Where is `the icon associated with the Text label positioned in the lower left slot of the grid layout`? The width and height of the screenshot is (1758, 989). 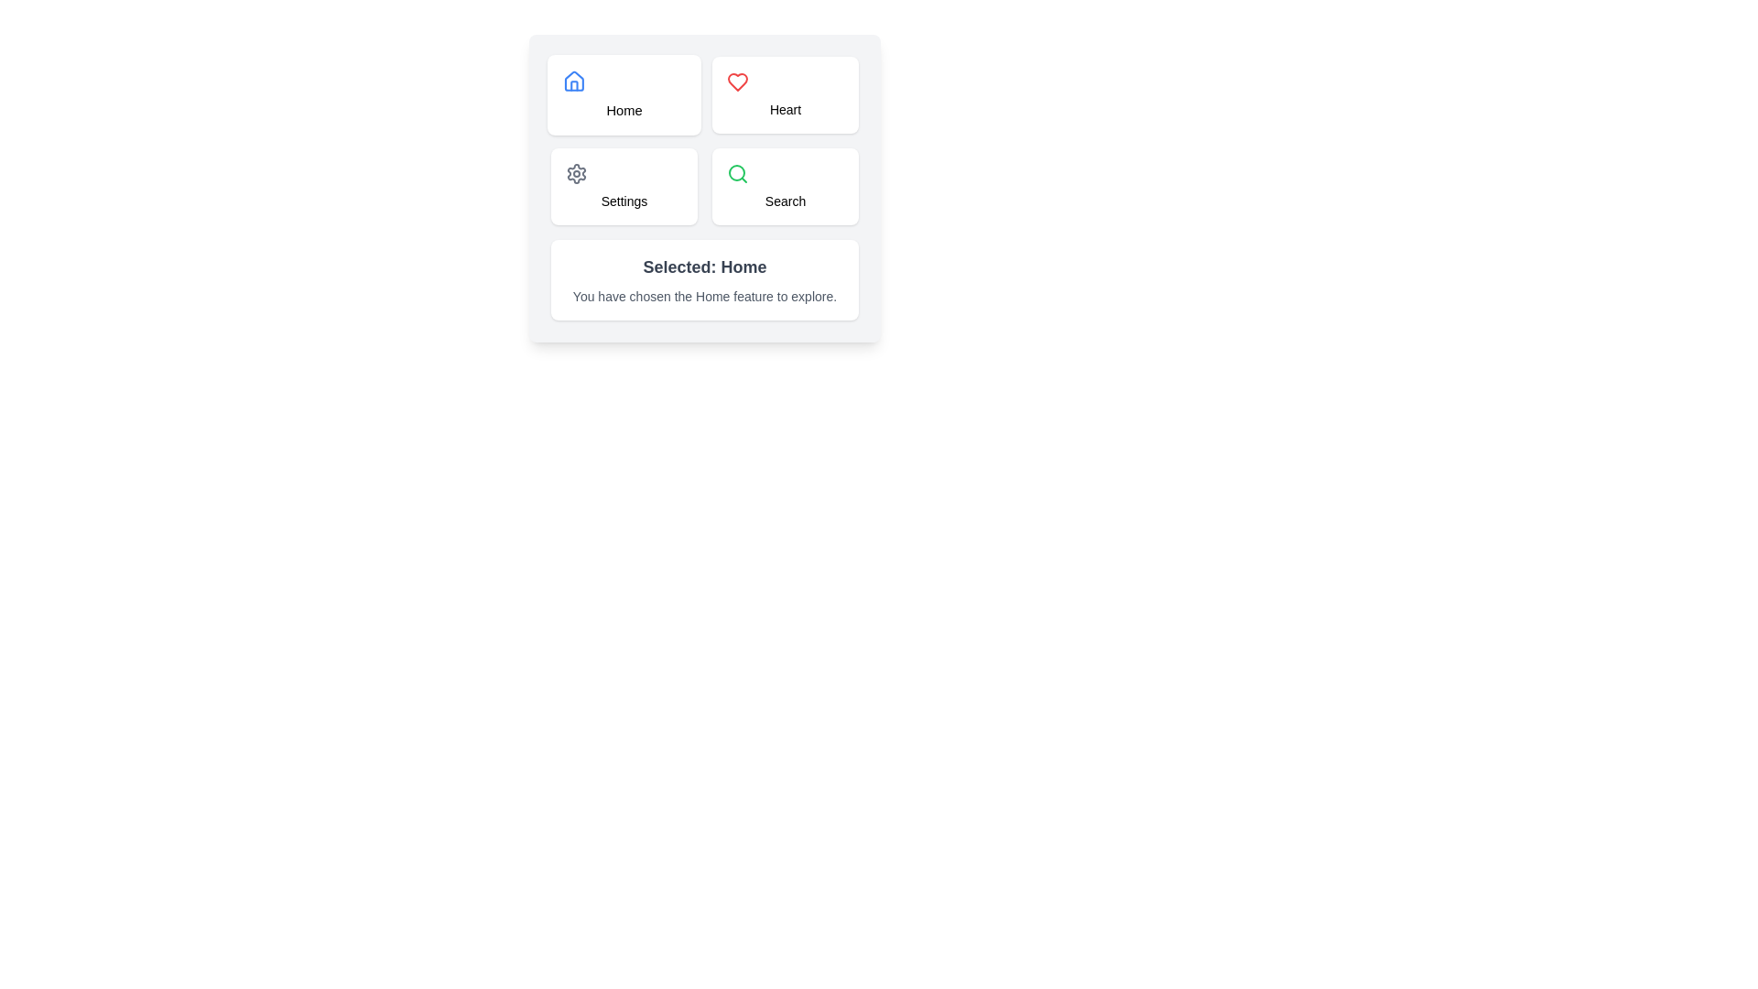 the icon associated with the Text label positioned in the lower left slot of the grid layout is located at coordinates (624, 201).